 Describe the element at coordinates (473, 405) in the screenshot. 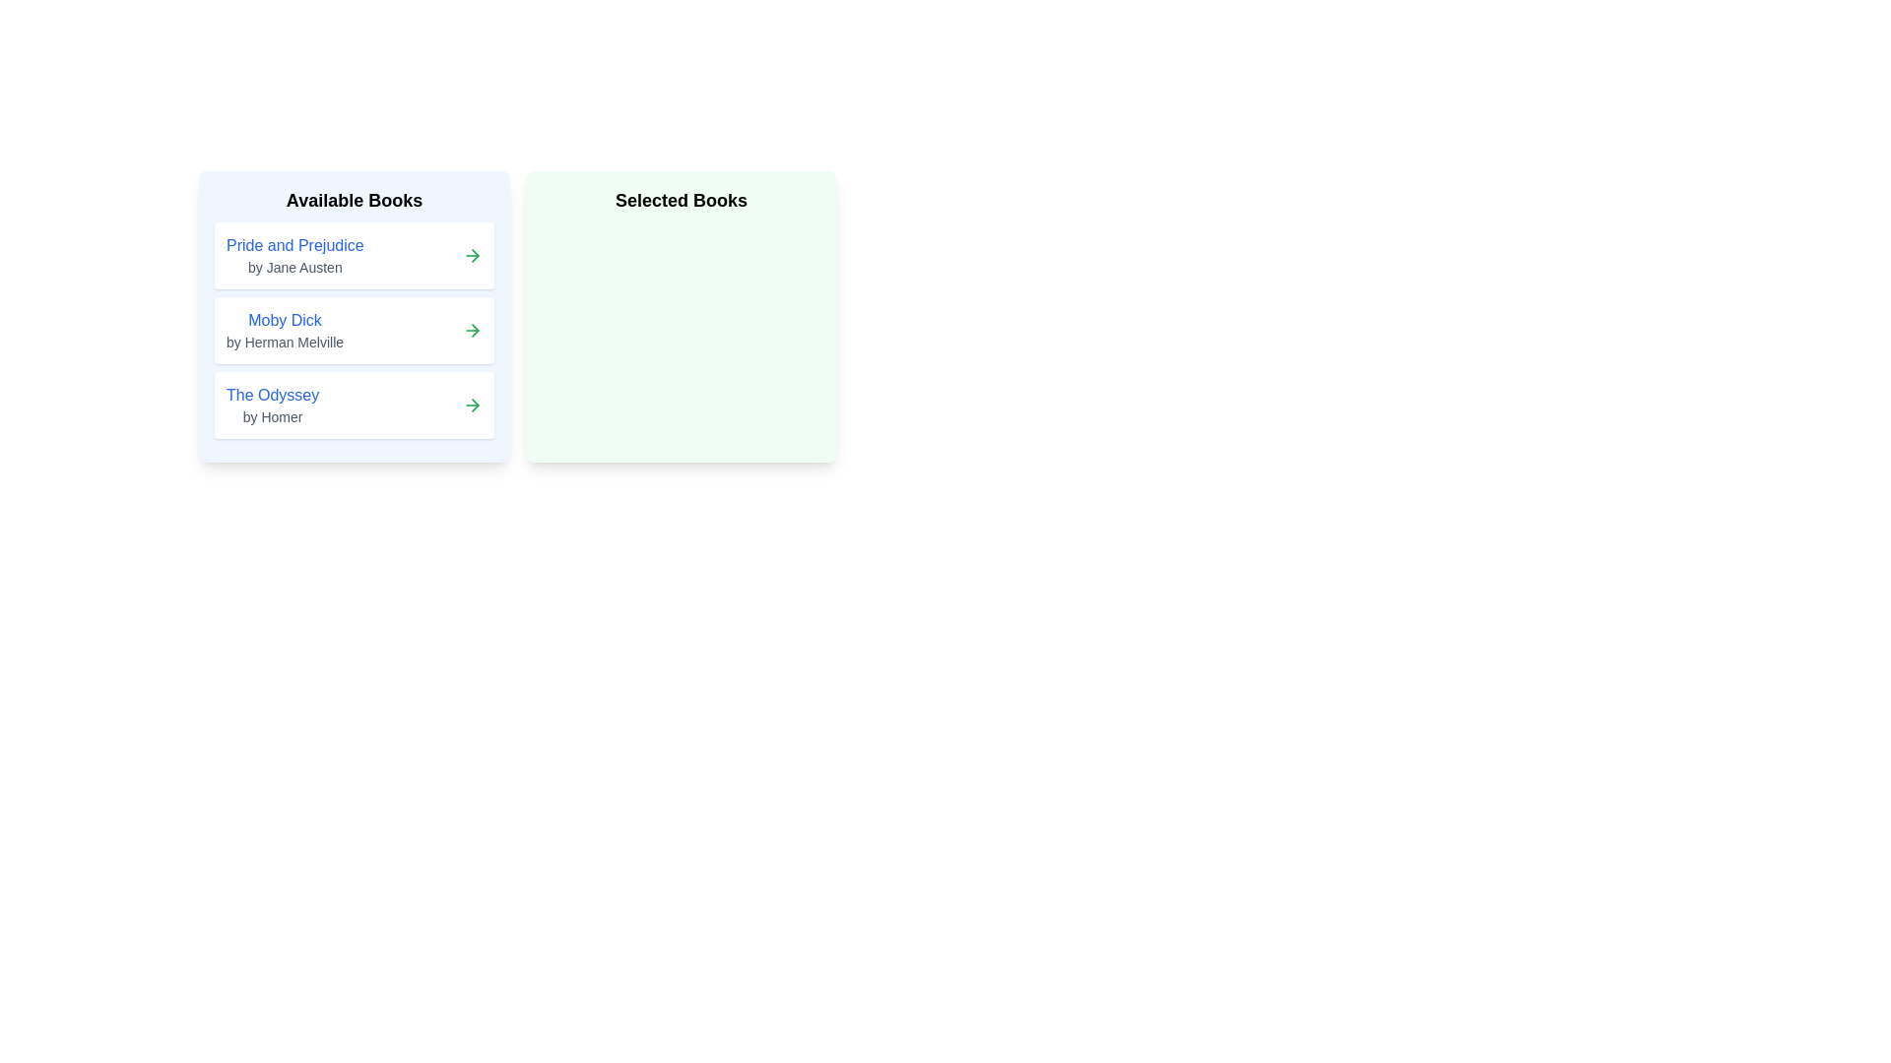

I see `the green rightward arrow icon button located at the far right of the panel displaying 'The Odyssey by Homer'` at that location.